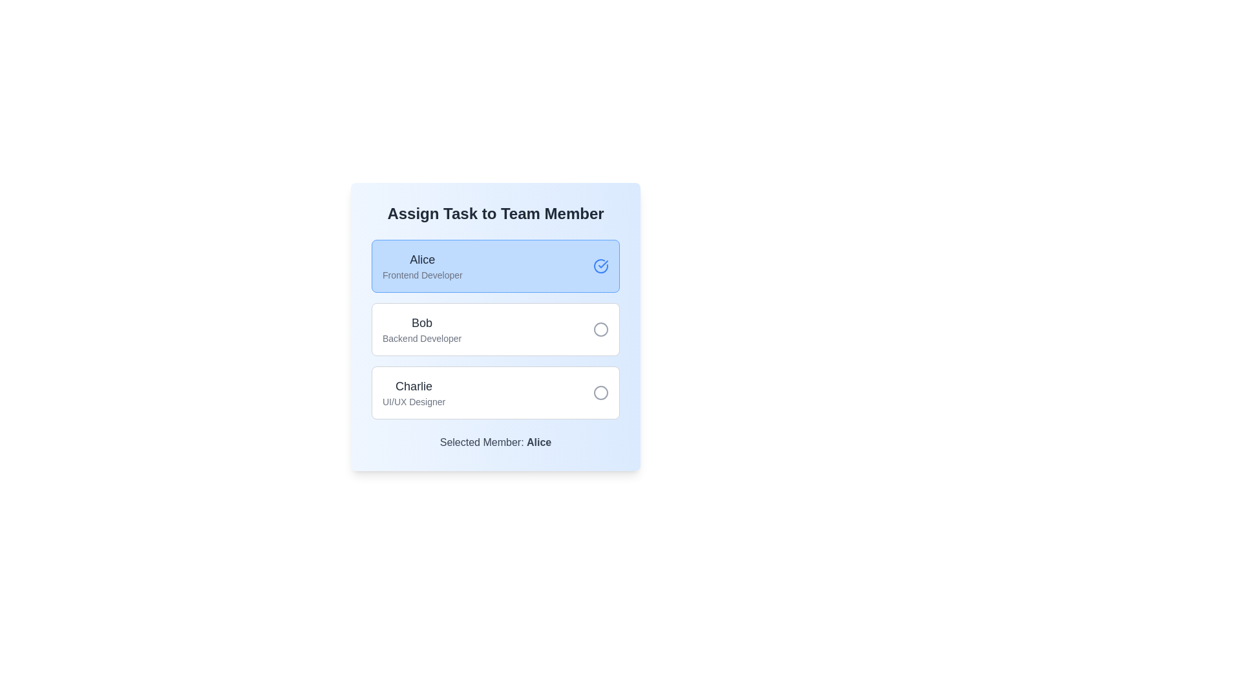 This screenshot has width=1241, height=698. Describe the element at coordinates (414, 385) in the screenshot. I see `the team member` at that location.